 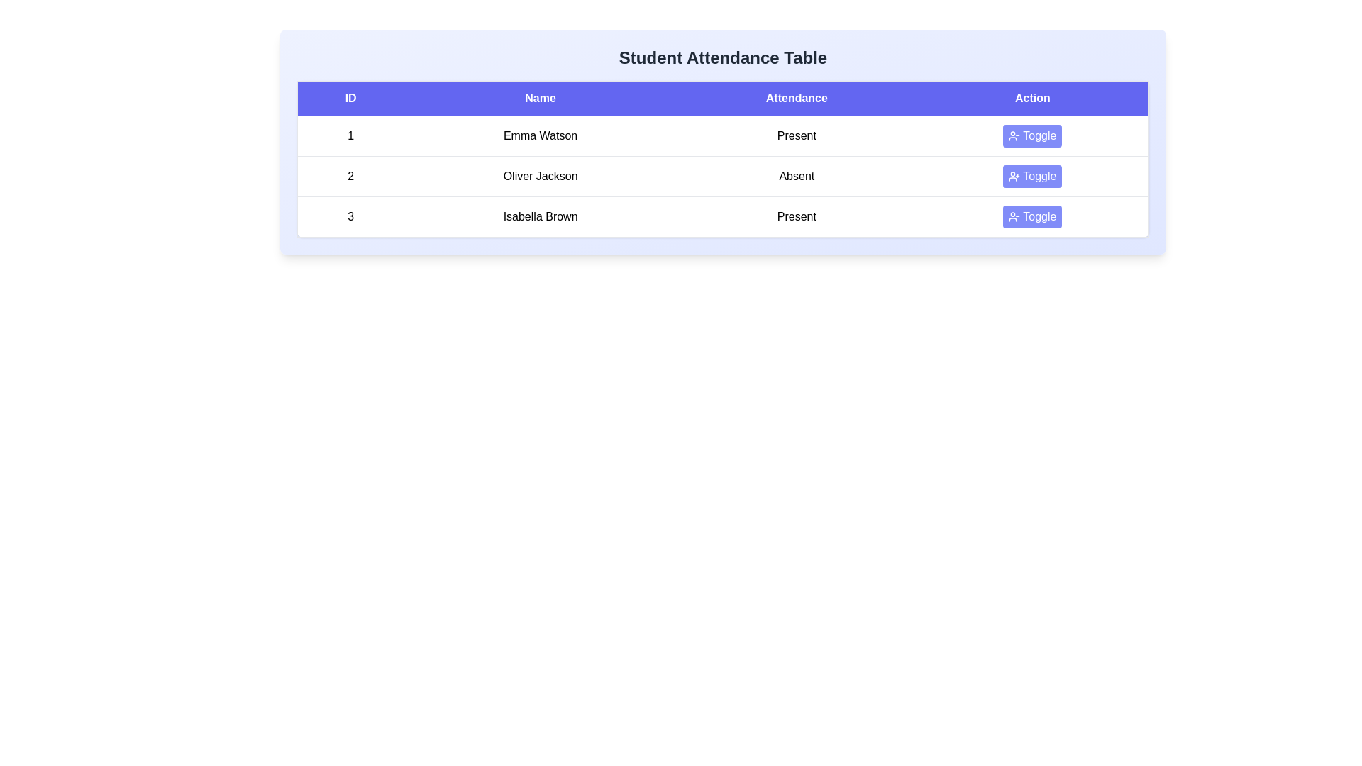 I want to click on the static text label with the text 'ID', which is styled with a blue background and white bold text, located at the top-left corner of the table header, so click(x=350, y=97).